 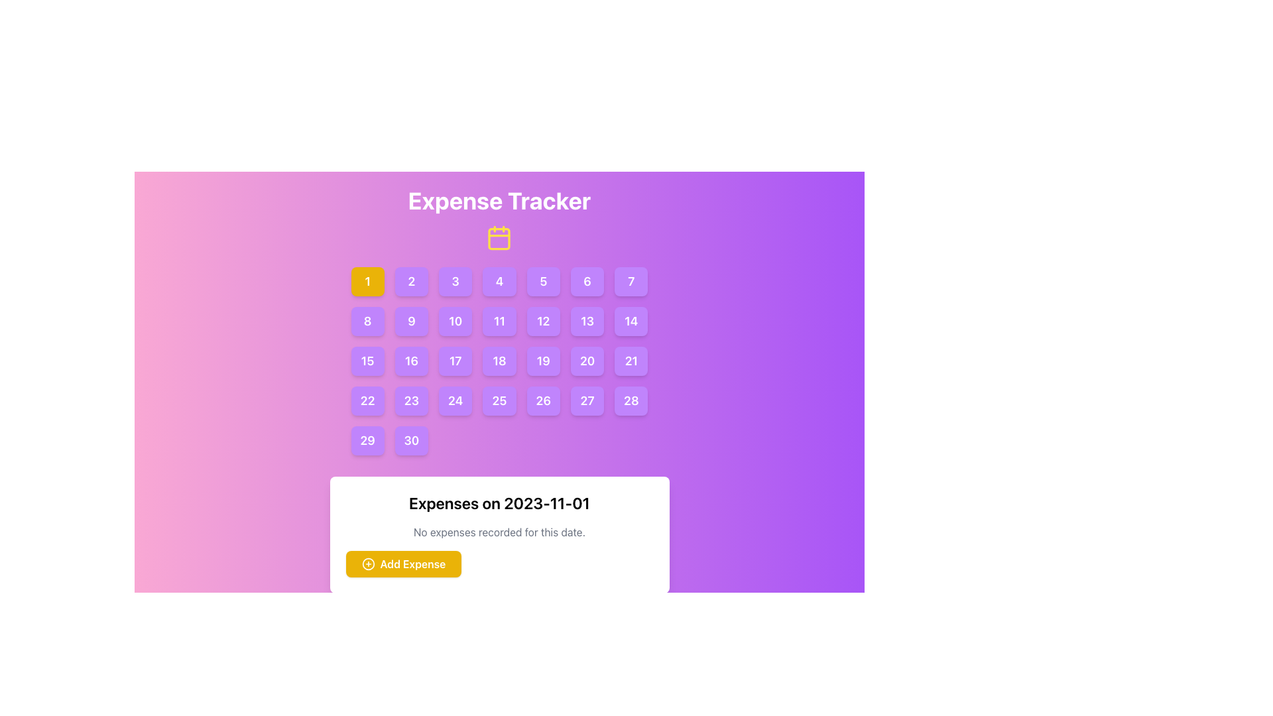 I want to click on the calendar day button located in the second row and first column of the grid layout, so click(x=367, y=322).